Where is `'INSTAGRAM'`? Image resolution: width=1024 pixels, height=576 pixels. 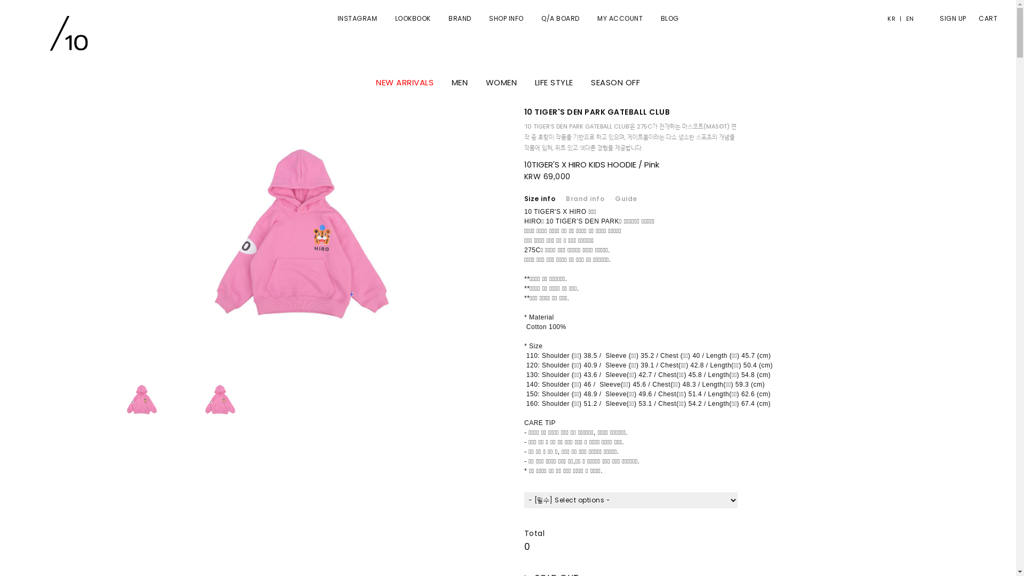
'INSTAGRAM' is located at coordinates (357, 18).